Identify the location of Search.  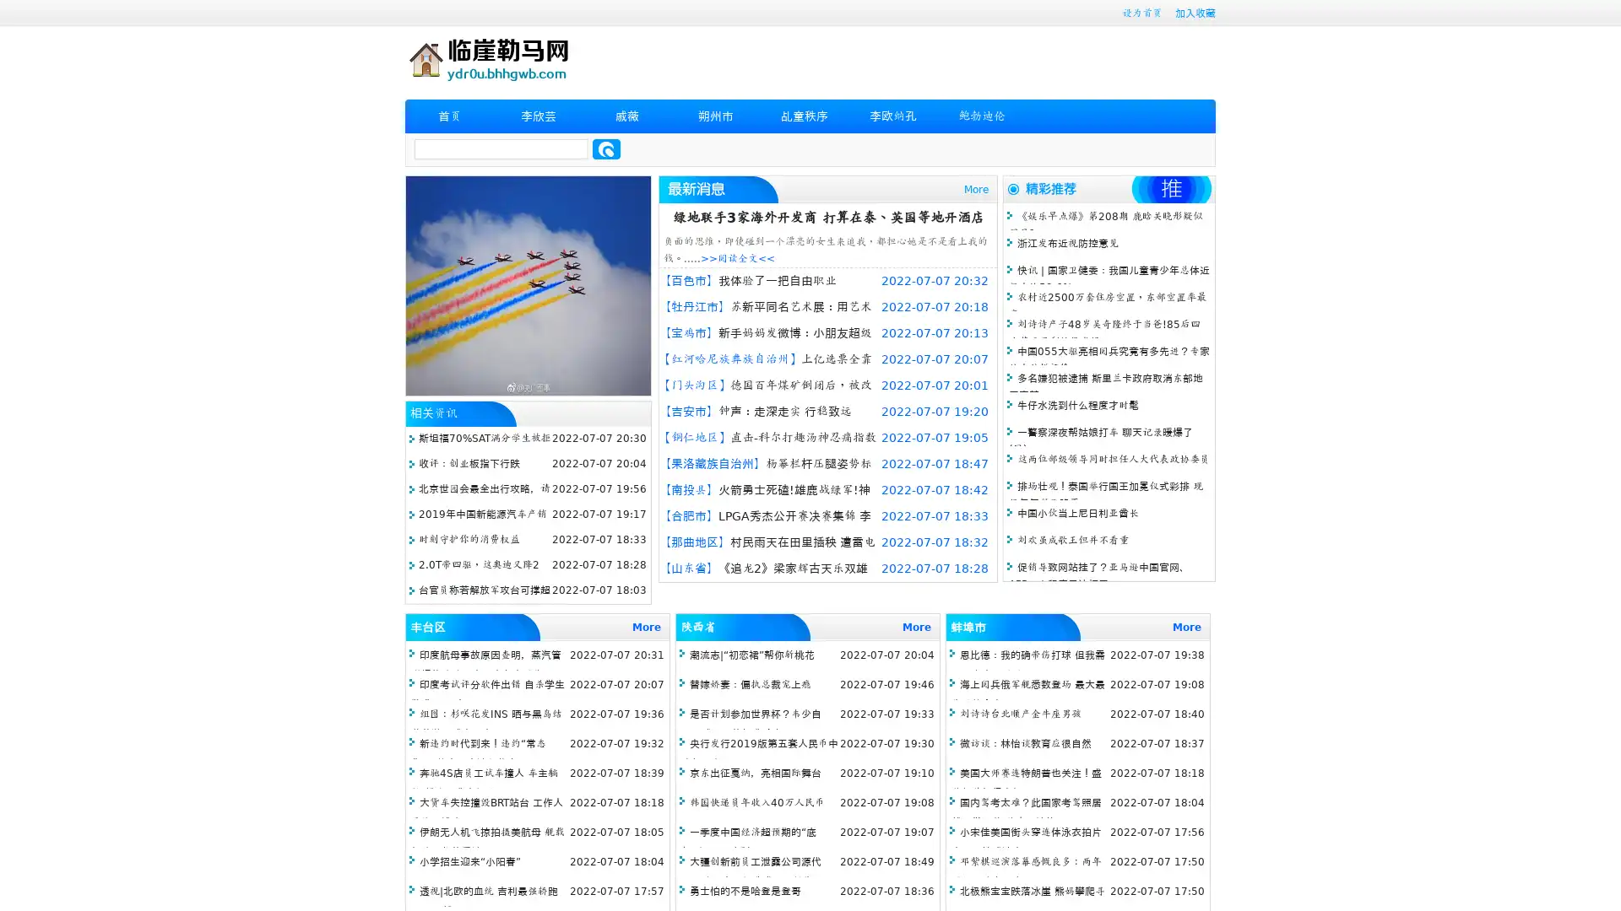
(606, 148).